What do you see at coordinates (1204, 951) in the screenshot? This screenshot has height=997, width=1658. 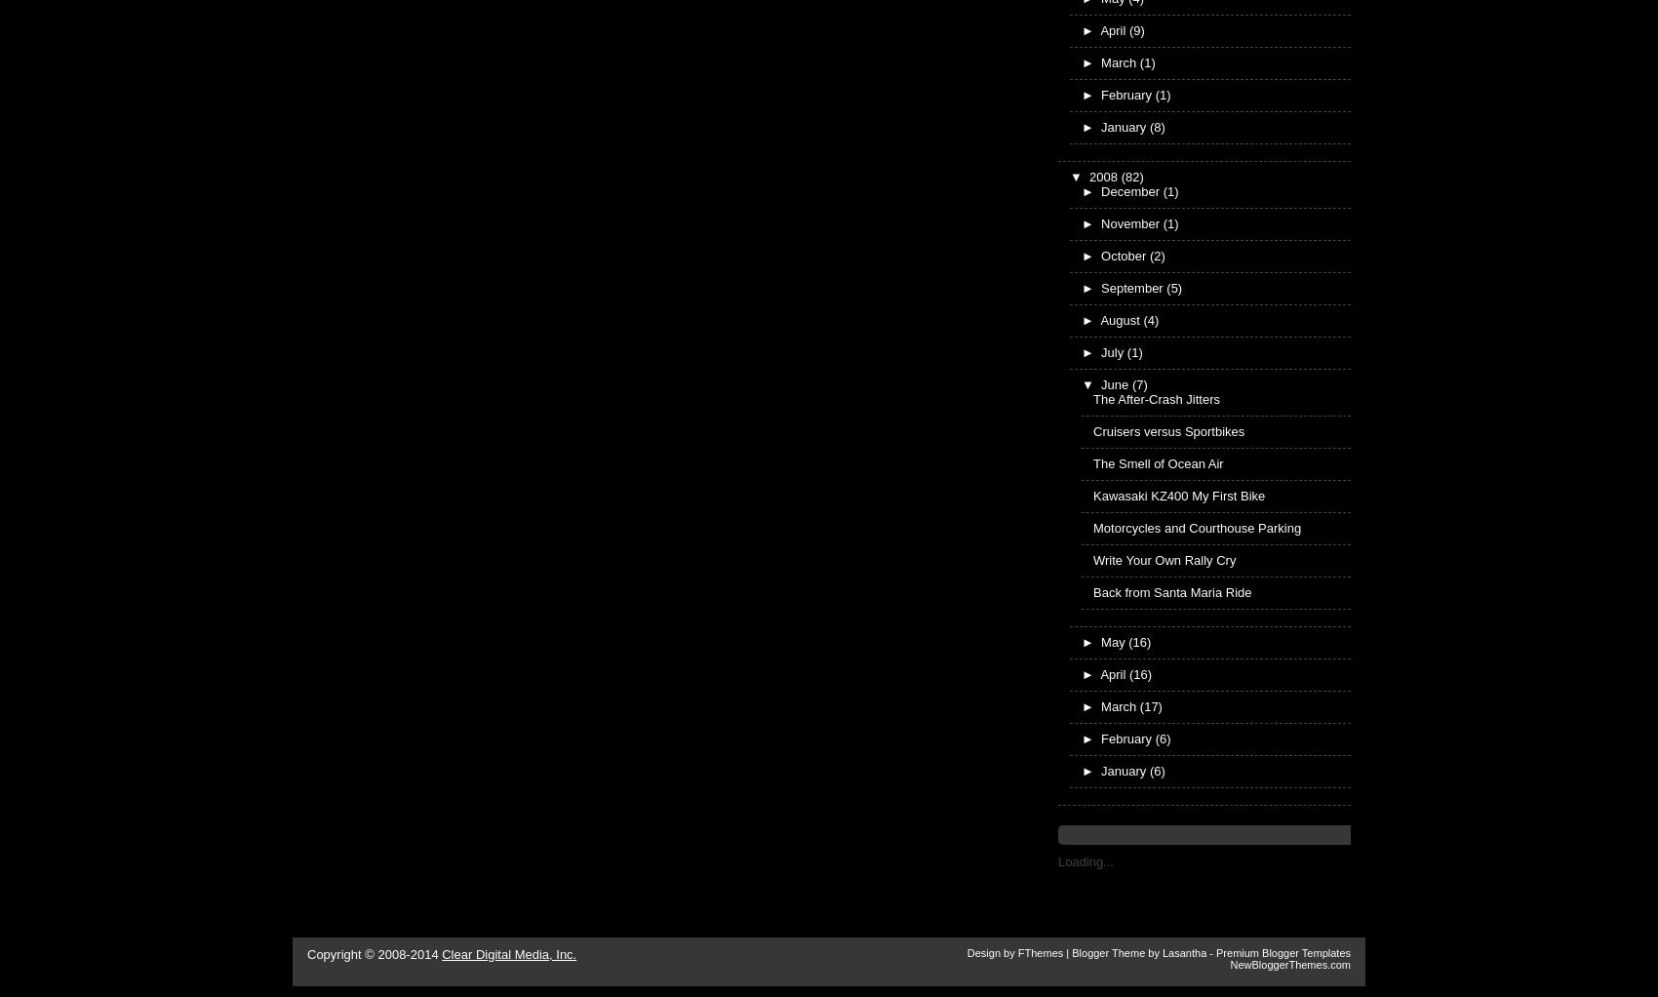 I see `'-'` at bounding box center [1204, 951].